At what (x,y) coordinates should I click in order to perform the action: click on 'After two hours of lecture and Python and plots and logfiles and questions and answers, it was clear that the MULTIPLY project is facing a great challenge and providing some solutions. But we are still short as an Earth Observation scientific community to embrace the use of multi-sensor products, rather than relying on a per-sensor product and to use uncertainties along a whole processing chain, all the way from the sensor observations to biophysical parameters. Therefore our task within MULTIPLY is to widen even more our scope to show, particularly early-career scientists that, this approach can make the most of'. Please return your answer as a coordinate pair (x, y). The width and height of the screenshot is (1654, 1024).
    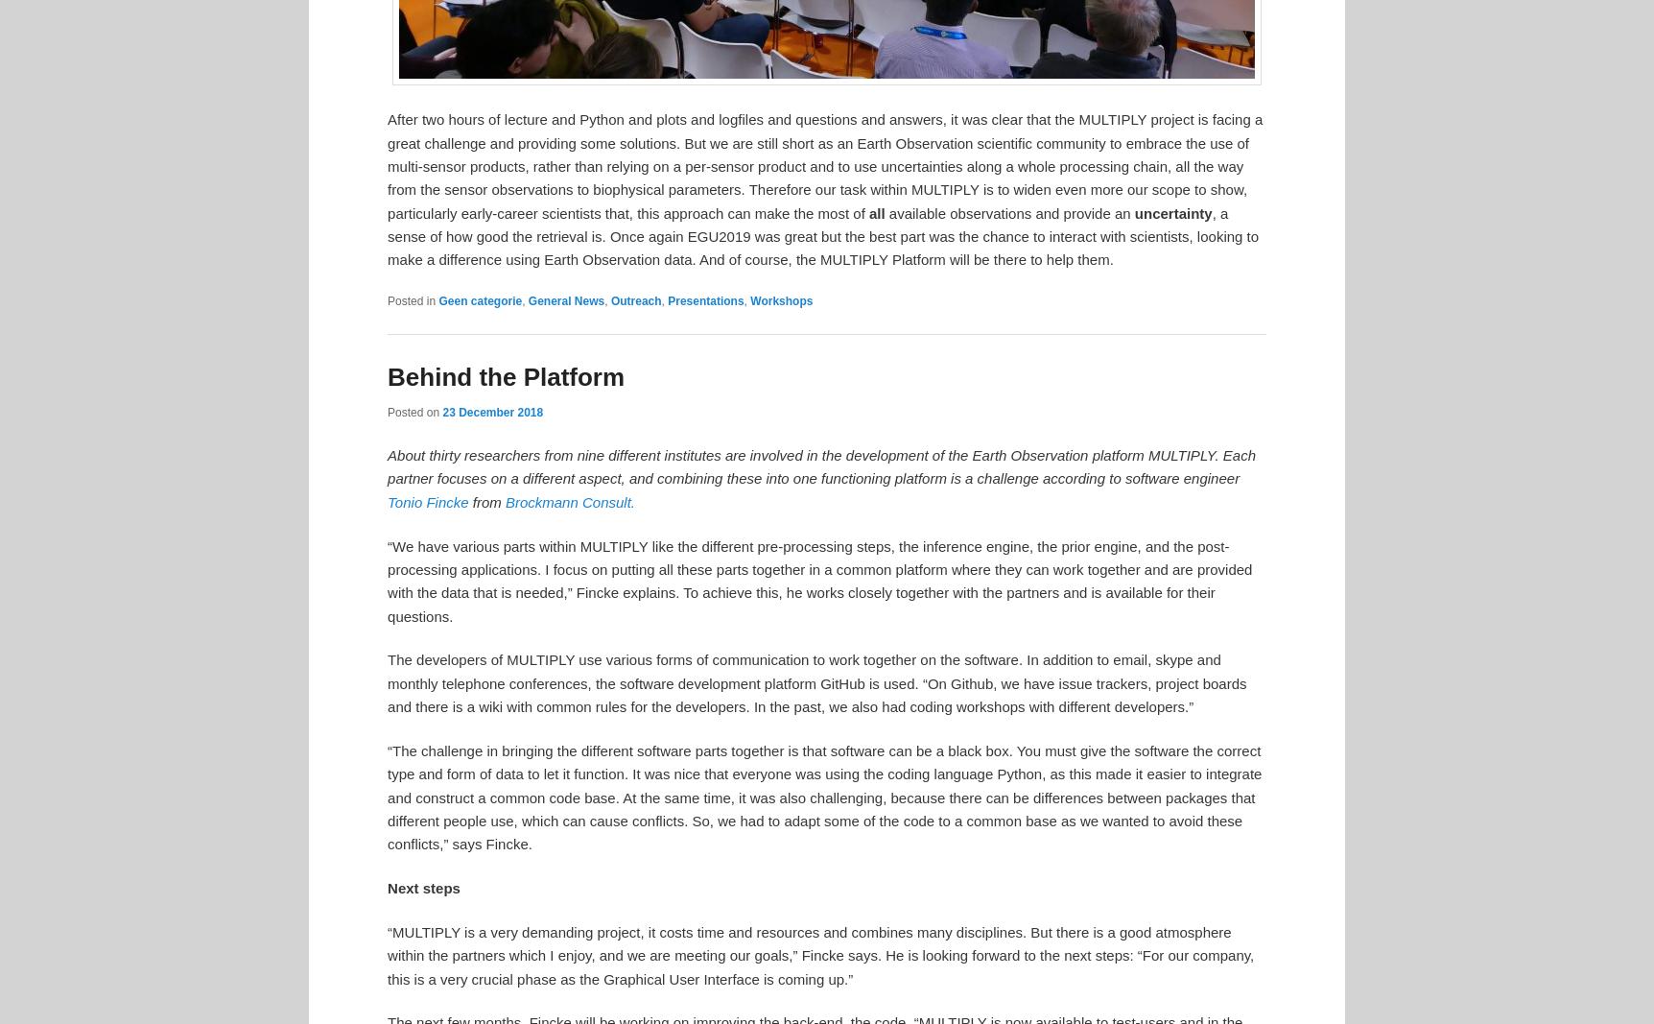
    Looking at the image, I should click on (823, 164).